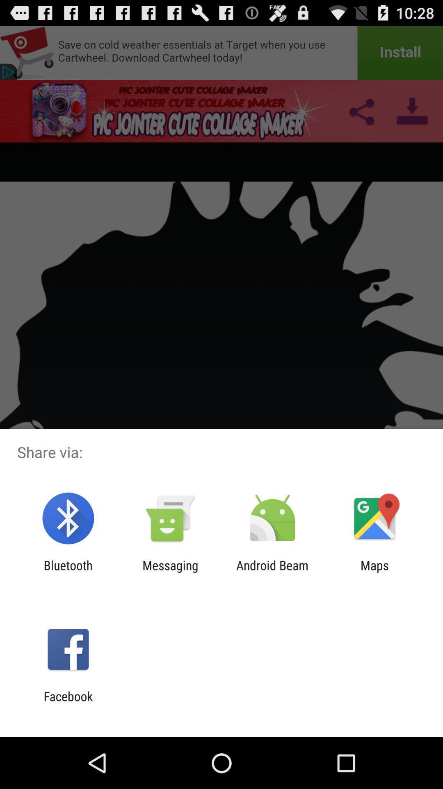 Image resolution: width=443 pixels, height=789 pixels. I want to click on maps, so click(374, 572).